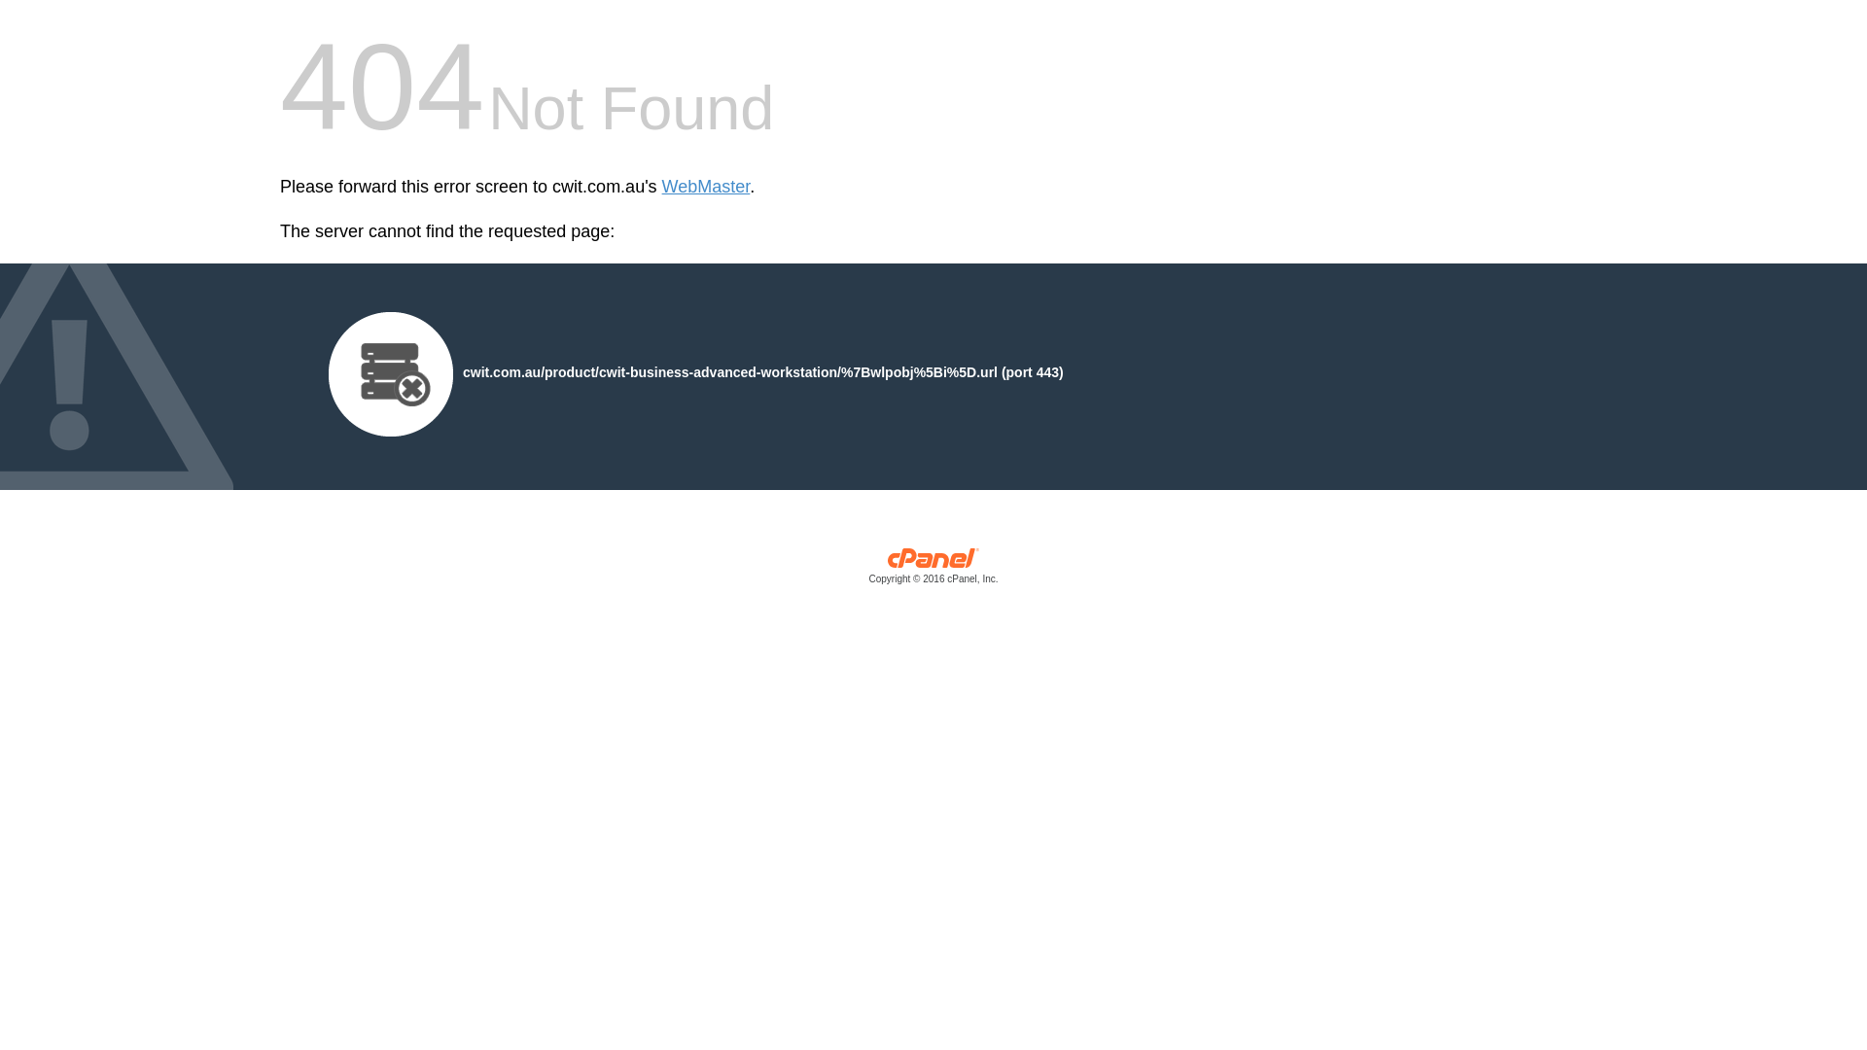  Describe the element at coordinates (662, 187) in the screenshot. I see `'WebMaster'` at that location.